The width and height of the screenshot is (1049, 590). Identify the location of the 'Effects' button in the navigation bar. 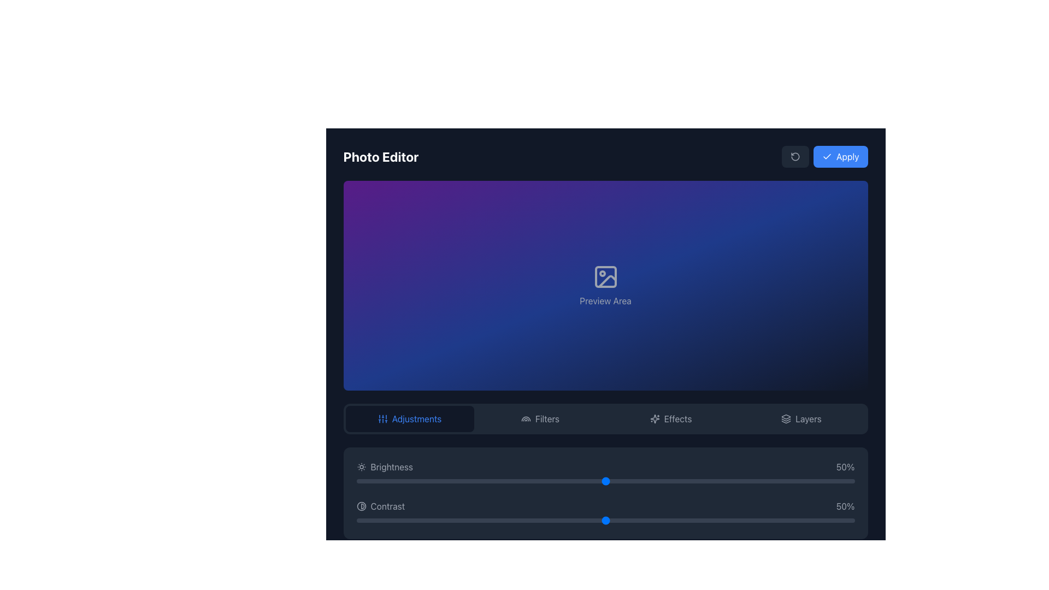
(670, 418).